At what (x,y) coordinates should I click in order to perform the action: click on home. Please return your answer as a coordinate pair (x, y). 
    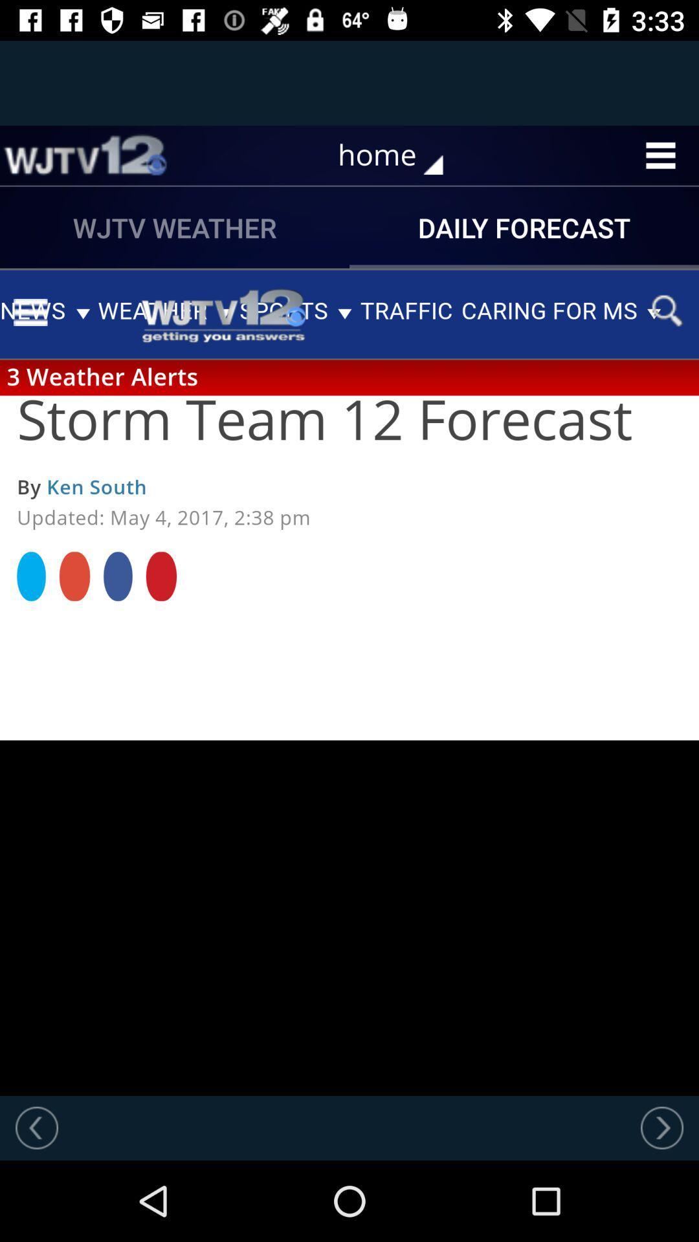
    Looking at the image, I should click on (399, 155).